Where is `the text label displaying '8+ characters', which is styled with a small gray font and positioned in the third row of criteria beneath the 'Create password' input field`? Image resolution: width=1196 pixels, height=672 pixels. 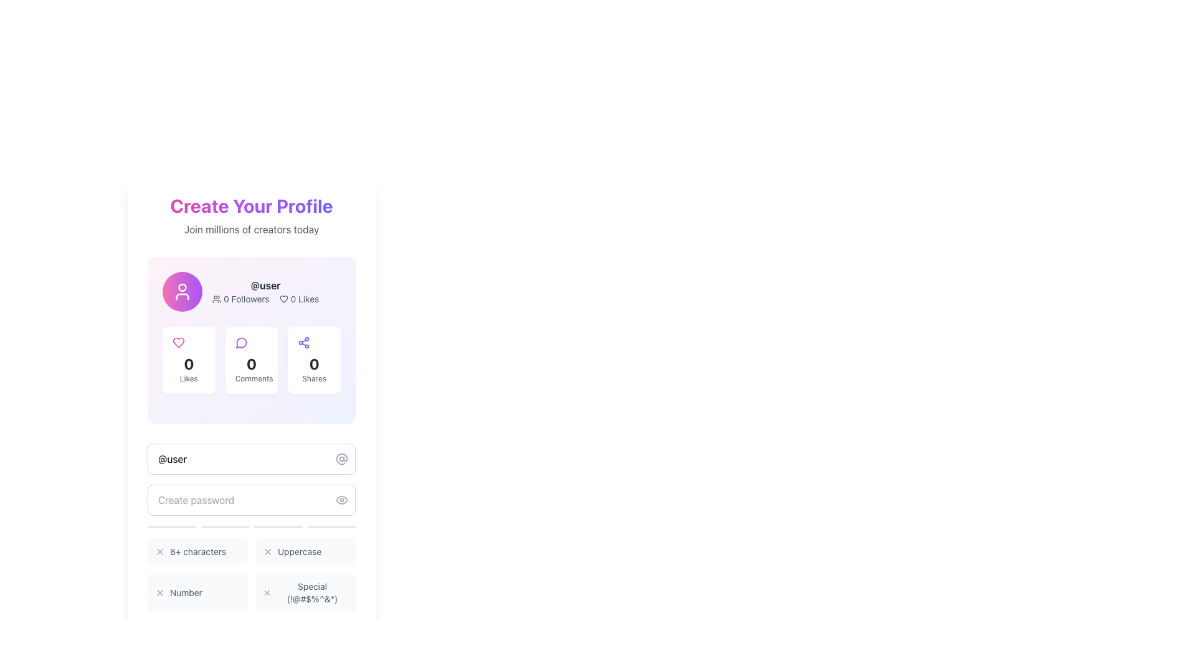
the text label displaying '8+ characters', which is styled with a small gray font and positioned in the third row of criteria beneath the 'Create password' input field is located at coordinates (197, 551).